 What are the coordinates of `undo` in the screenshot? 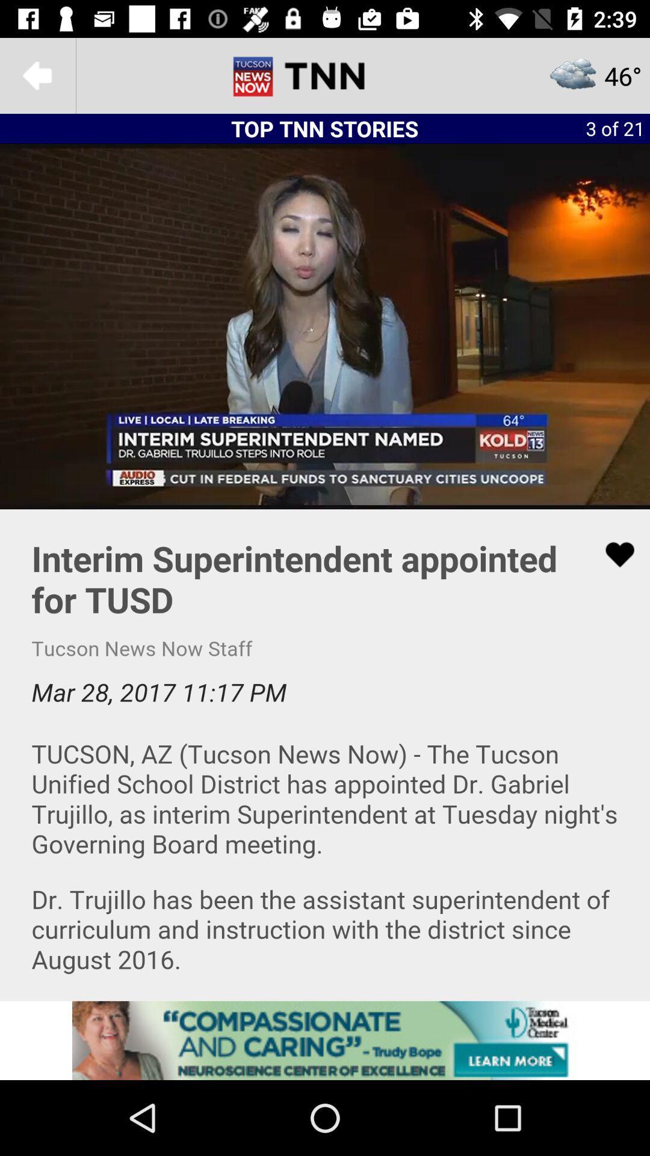 It's located at (37, 75).